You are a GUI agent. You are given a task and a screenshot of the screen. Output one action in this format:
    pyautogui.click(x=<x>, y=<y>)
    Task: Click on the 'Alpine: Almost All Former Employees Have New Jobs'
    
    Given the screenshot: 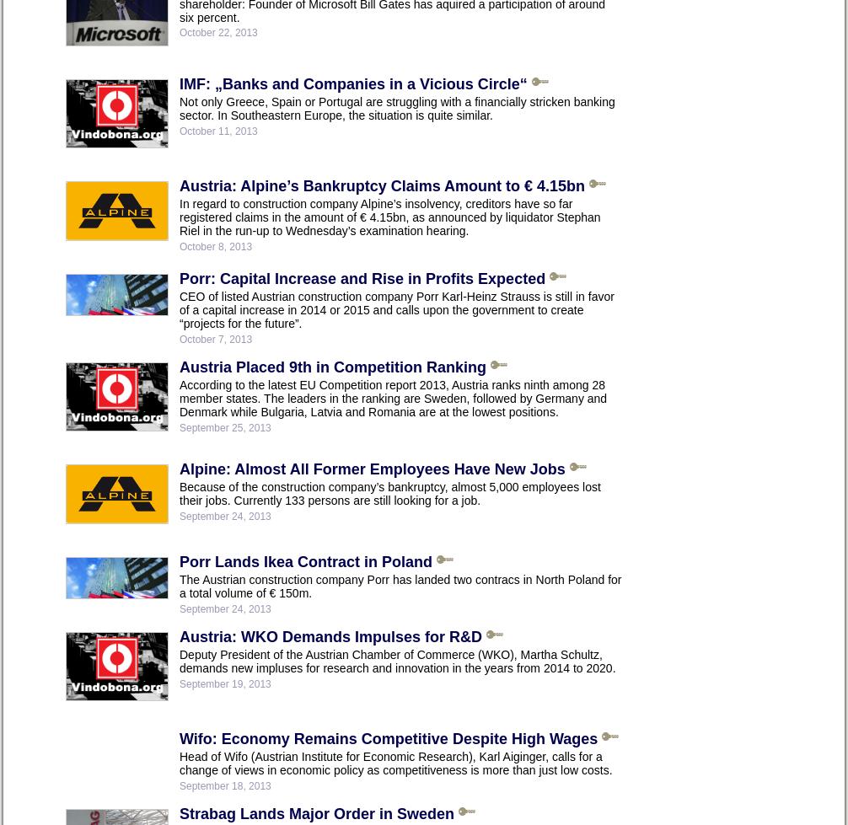 What is the action you would take?
    pyautogui.click(x=371, y=468)
    